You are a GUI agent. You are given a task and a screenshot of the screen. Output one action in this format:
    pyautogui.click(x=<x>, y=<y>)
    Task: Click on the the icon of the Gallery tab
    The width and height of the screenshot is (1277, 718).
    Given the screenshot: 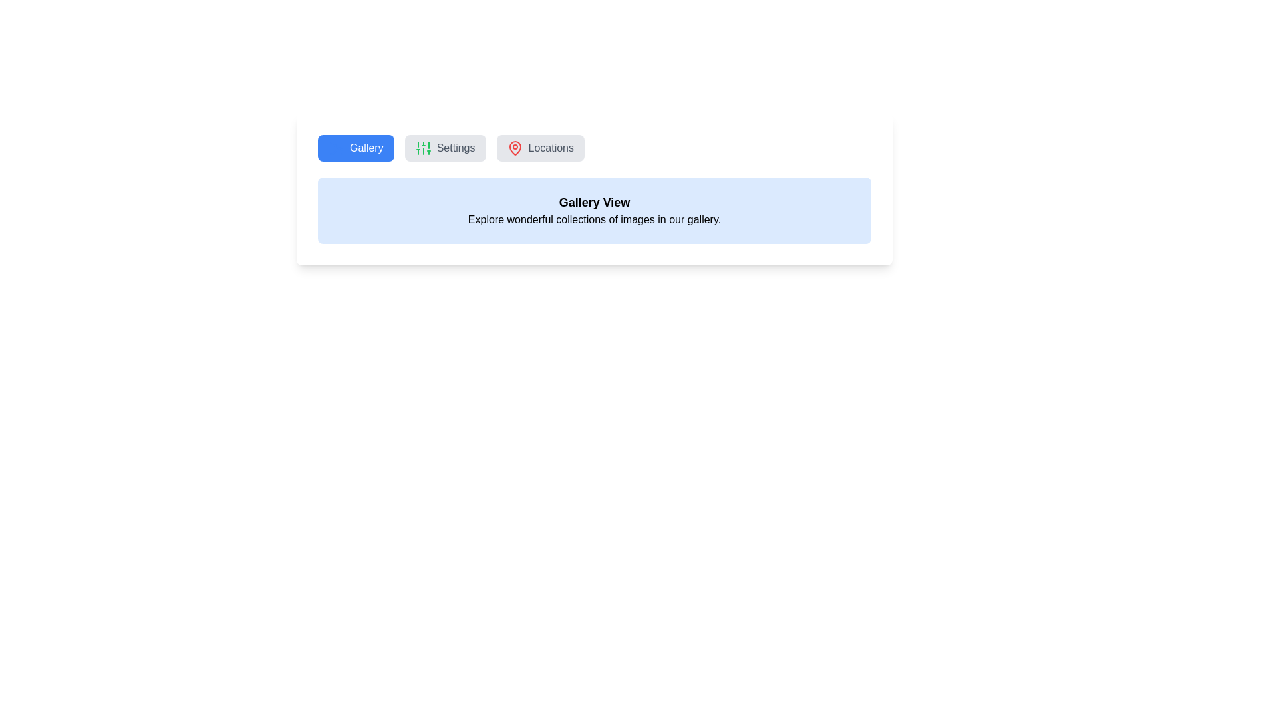 What is the action you would take?
    pyautogui.click(x=336, y=148)
    